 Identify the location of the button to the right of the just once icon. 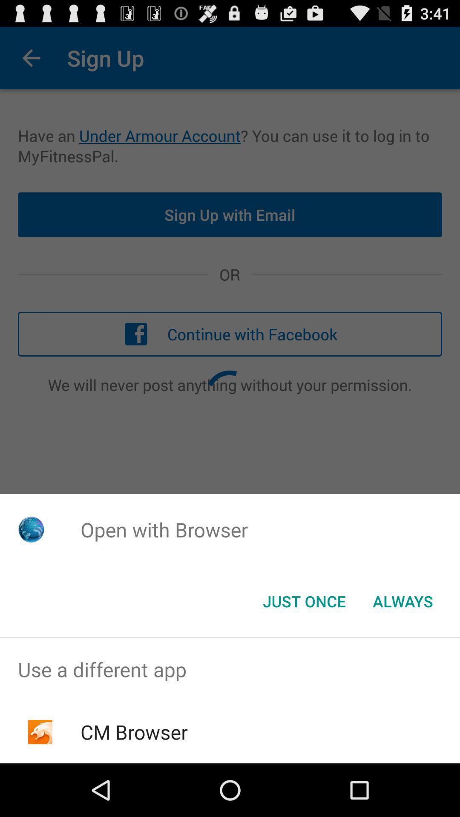
(402, 600).